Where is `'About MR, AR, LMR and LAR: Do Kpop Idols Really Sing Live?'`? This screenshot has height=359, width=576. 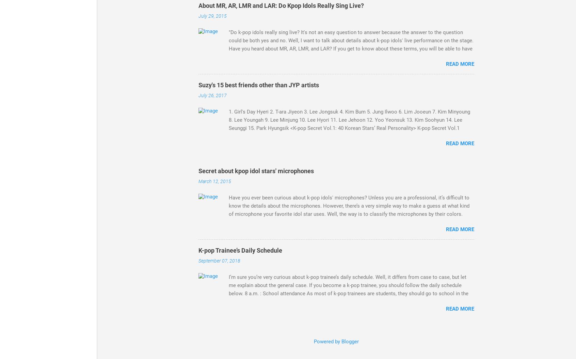 'About MR, AR, LMR and LAR: Do Kpop Idols Really Sing Live?' is located at coordinates (281, 5).